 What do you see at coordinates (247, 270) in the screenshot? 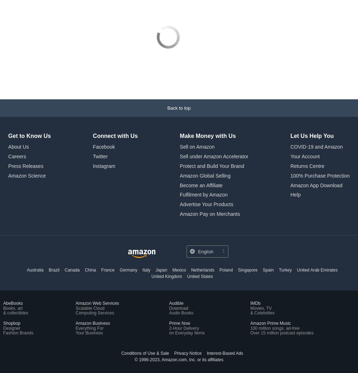
I see `'Singapore'` at bounding box center [247, 270].